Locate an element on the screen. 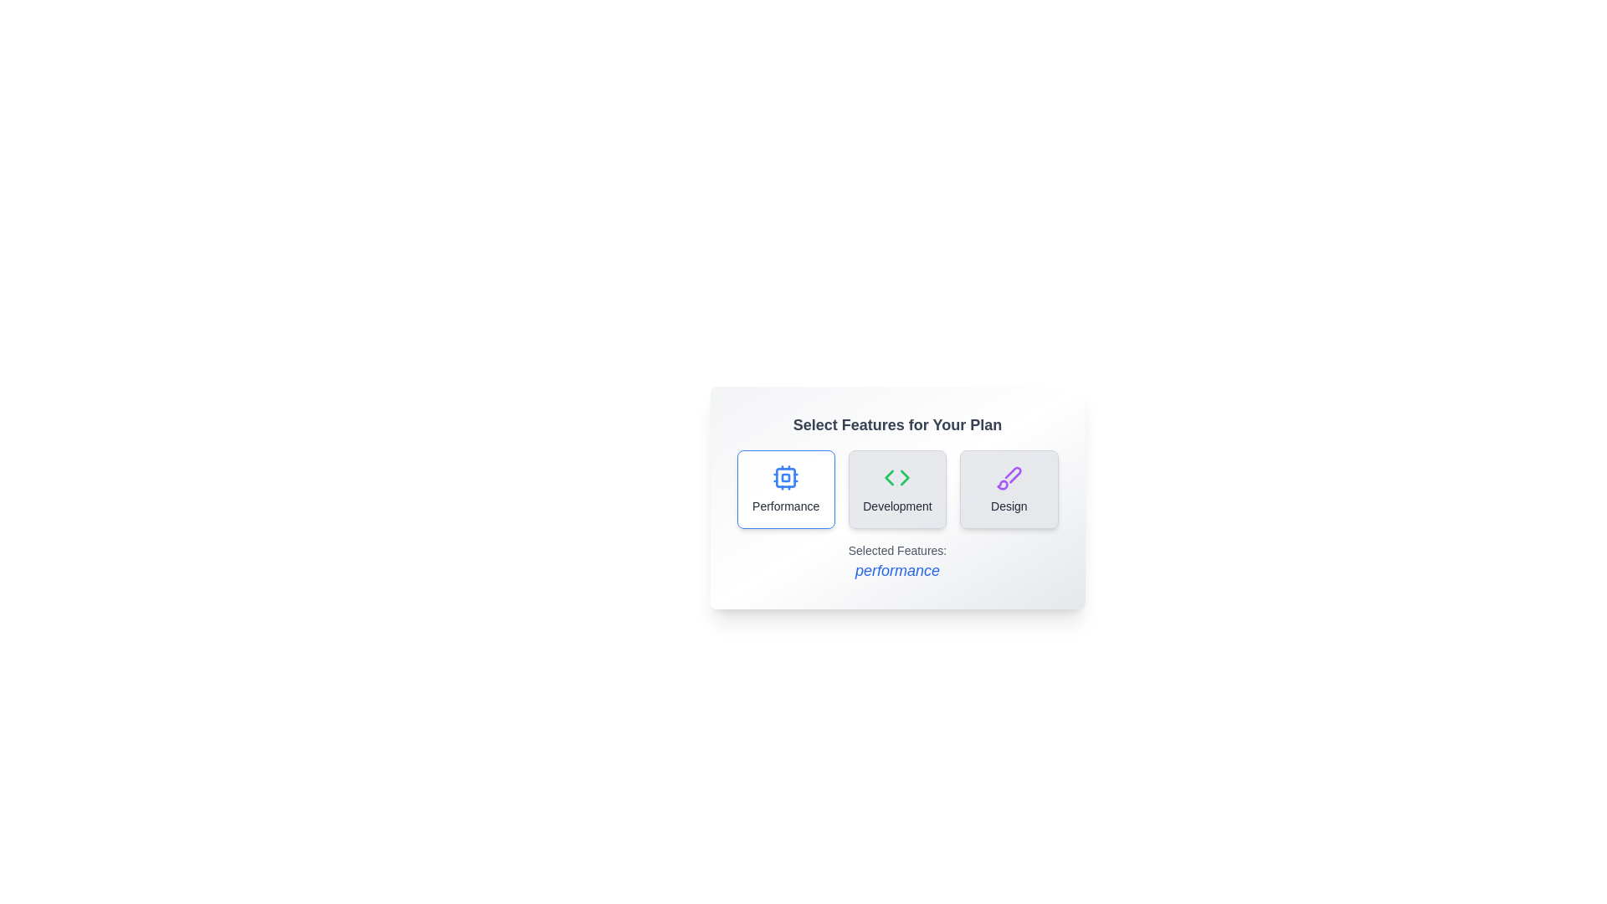  the Development button is located at coordinates (896, 490).